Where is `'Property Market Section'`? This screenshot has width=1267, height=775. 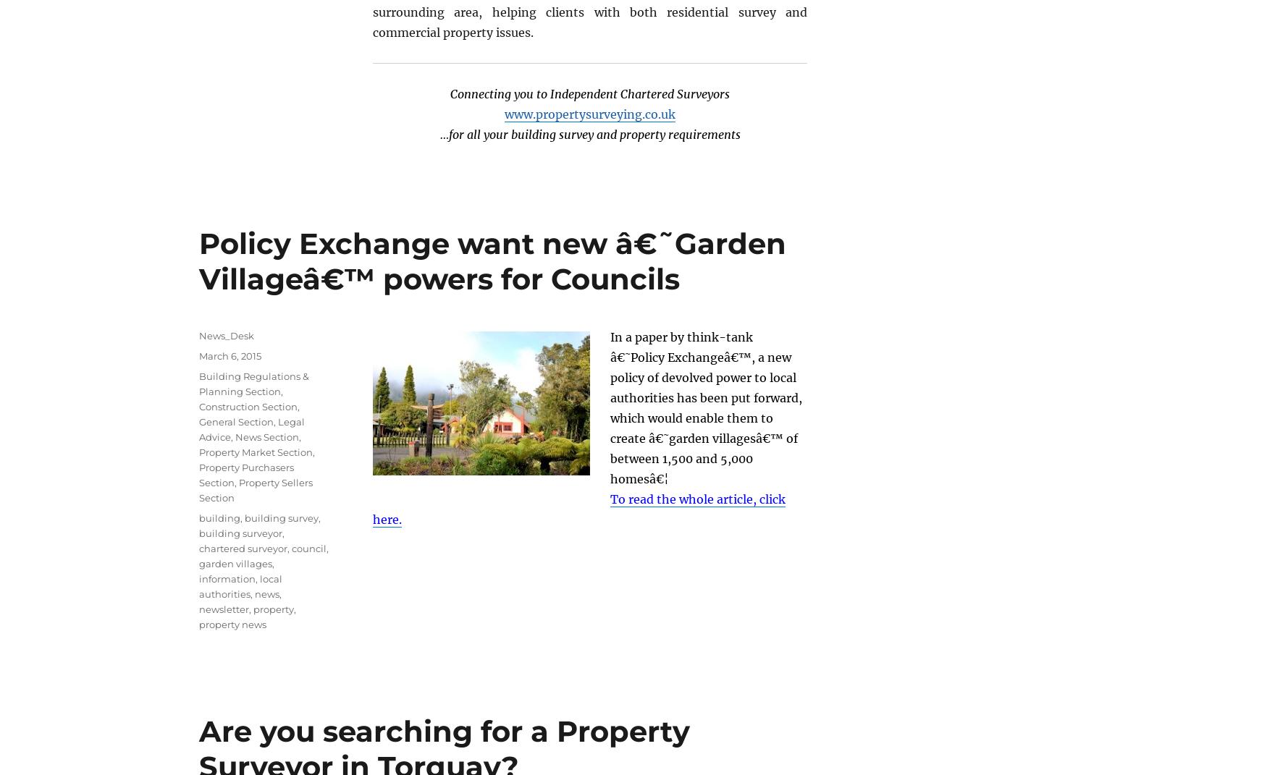 'Property Market Section' is located at coordinates (256, 450).